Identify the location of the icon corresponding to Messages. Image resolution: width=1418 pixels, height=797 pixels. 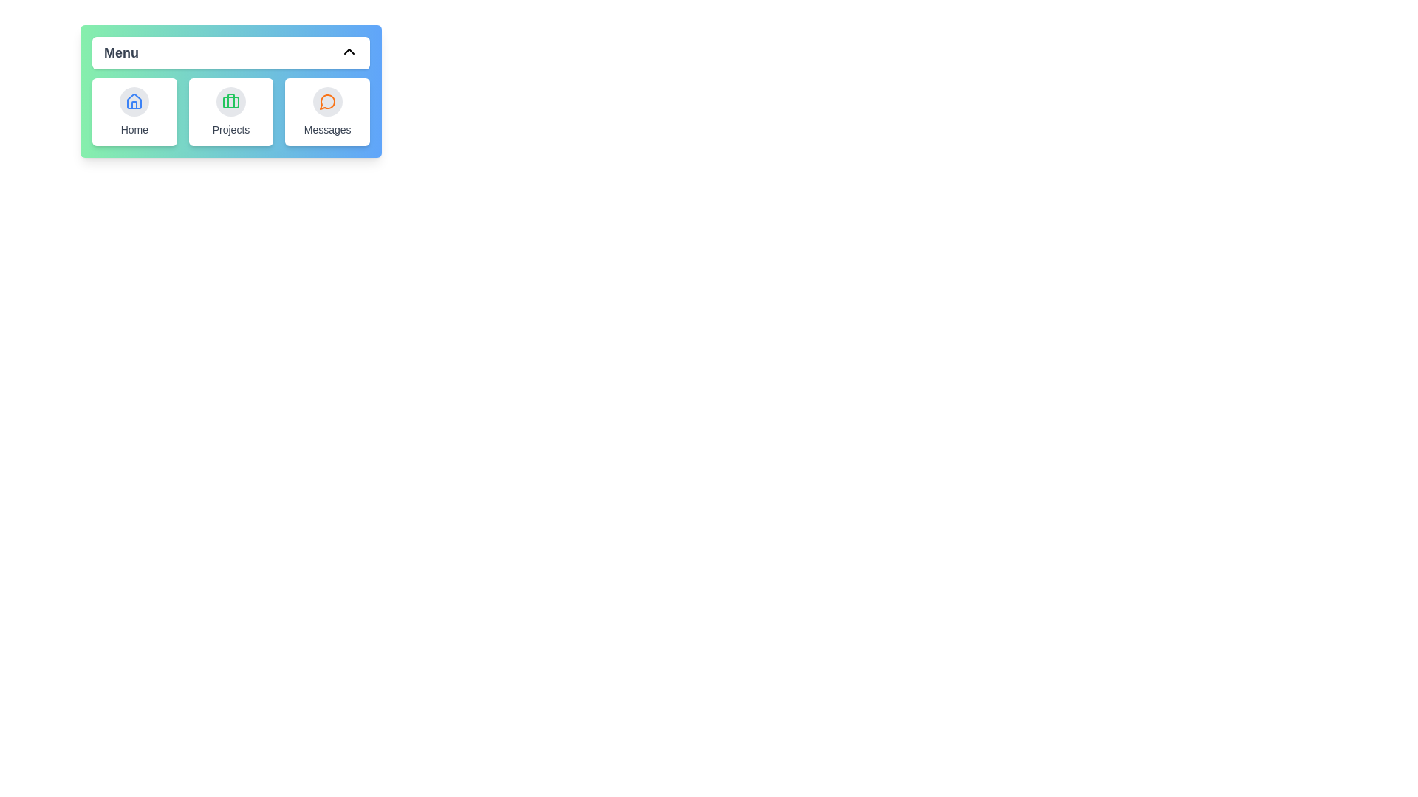
(327, 101).